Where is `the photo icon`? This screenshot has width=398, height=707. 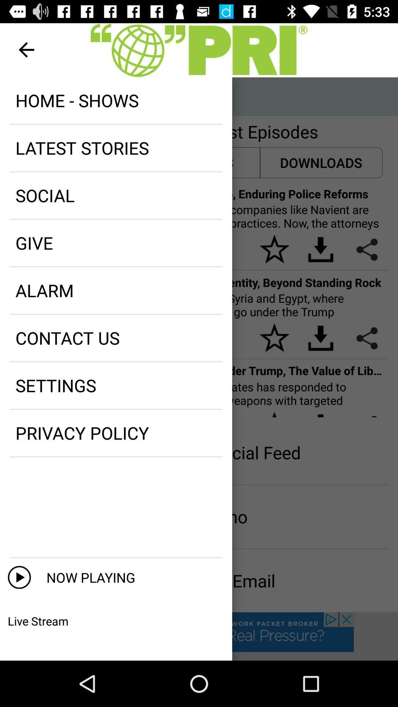
the photo icon is located at coordinates (35, 96).